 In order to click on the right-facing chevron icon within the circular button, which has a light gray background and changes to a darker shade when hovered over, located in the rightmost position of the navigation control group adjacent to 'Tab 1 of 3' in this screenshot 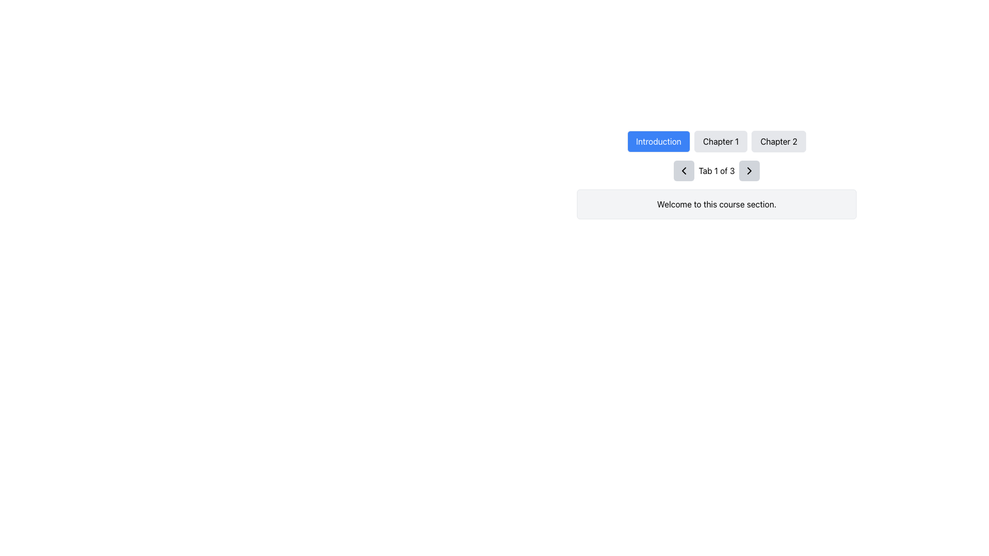, I will do `click(749, 170)`.